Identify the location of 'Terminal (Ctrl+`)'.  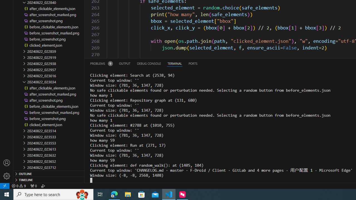
(174, 63).